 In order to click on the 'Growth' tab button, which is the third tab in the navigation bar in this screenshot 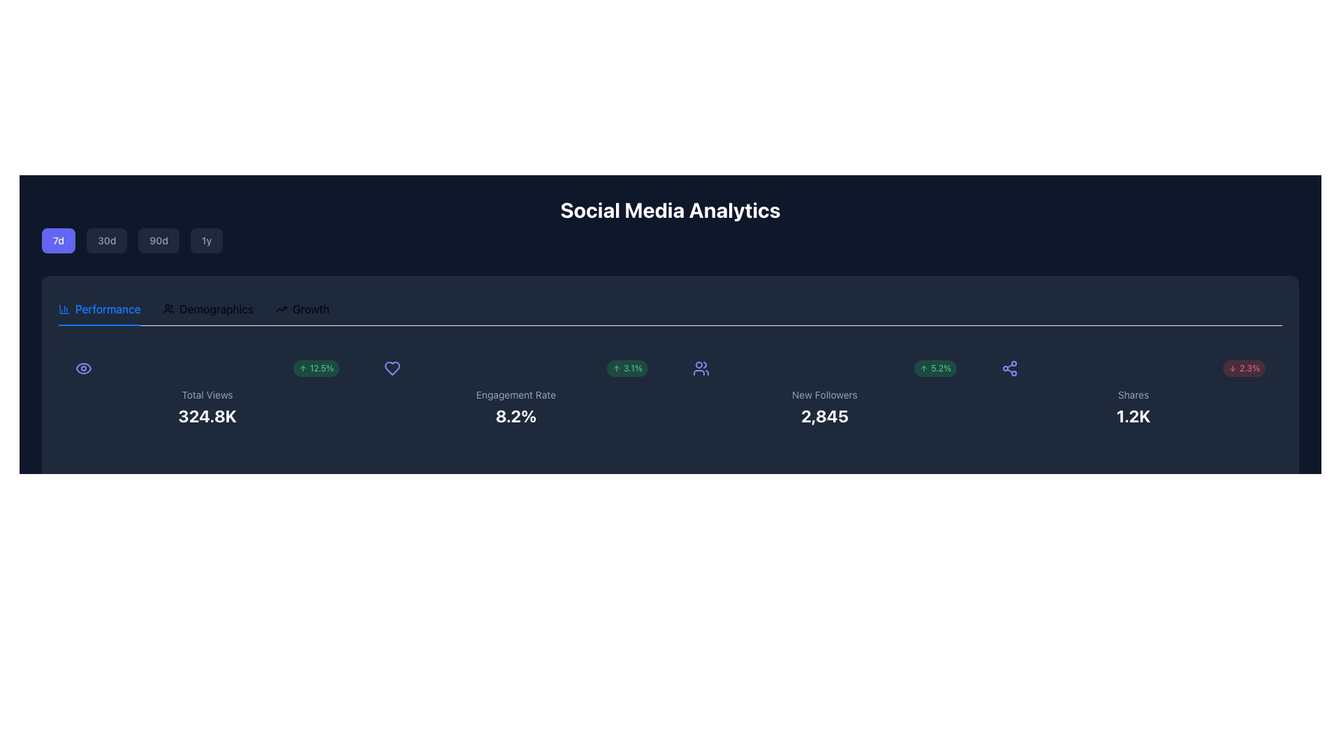, I will do `click(302, 309)`.